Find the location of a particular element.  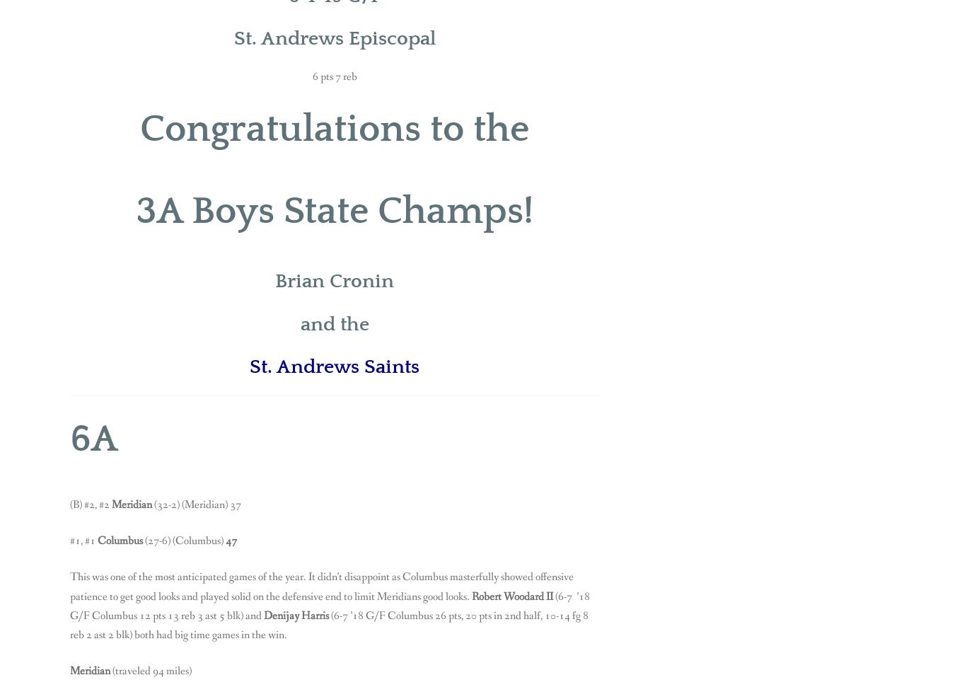

'Brian Cronin' is located at coordinates (334, 280).